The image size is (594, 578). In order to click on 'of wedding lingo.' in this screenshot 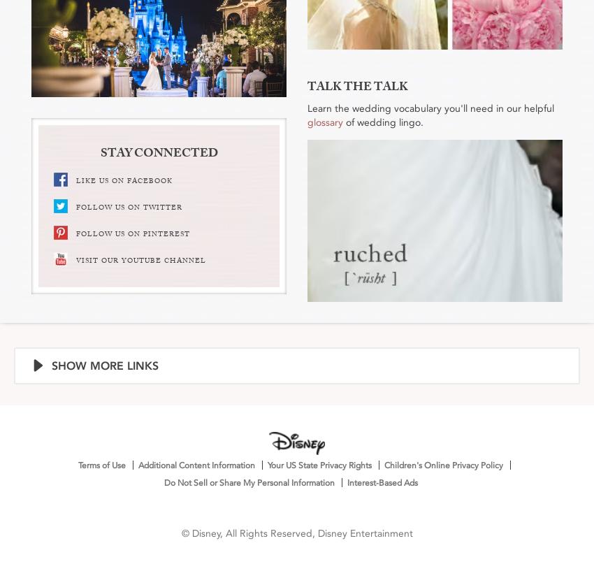, I will do `click(382, 121)`.